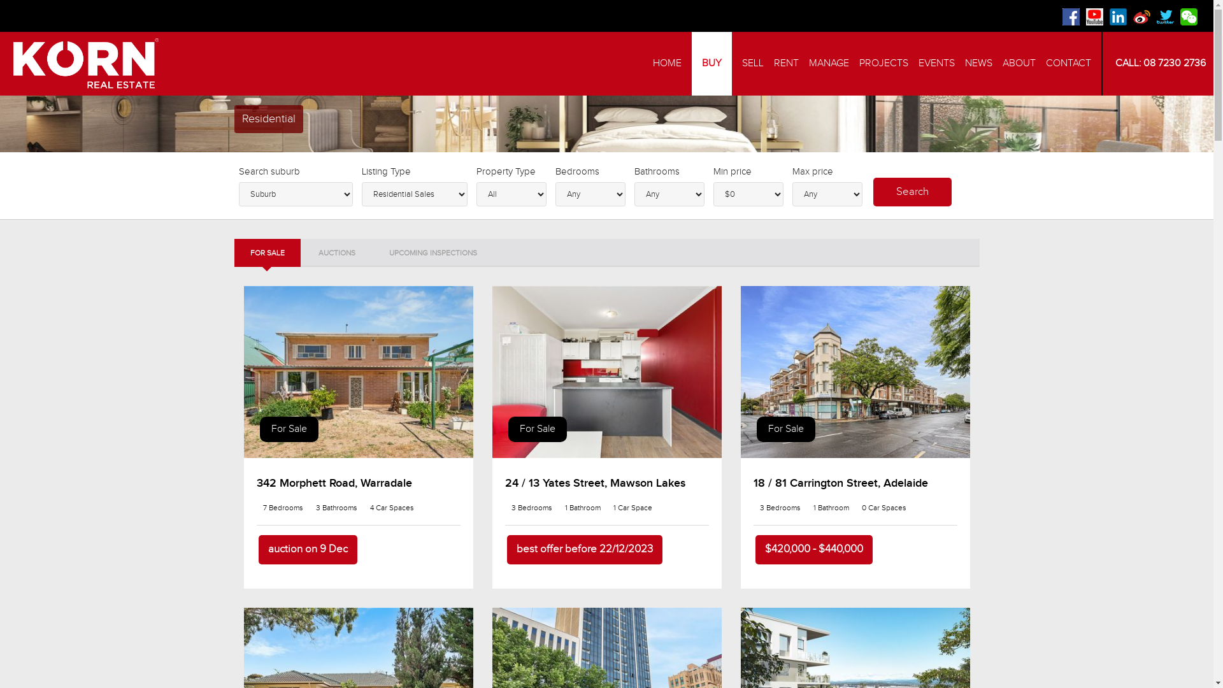 Image resolution: width=1223 pixels, height=688 pixels. What do you see at coordinates (666, 64) in the screenshot?
I see `'HOME'` at bounding box center [666, 64].